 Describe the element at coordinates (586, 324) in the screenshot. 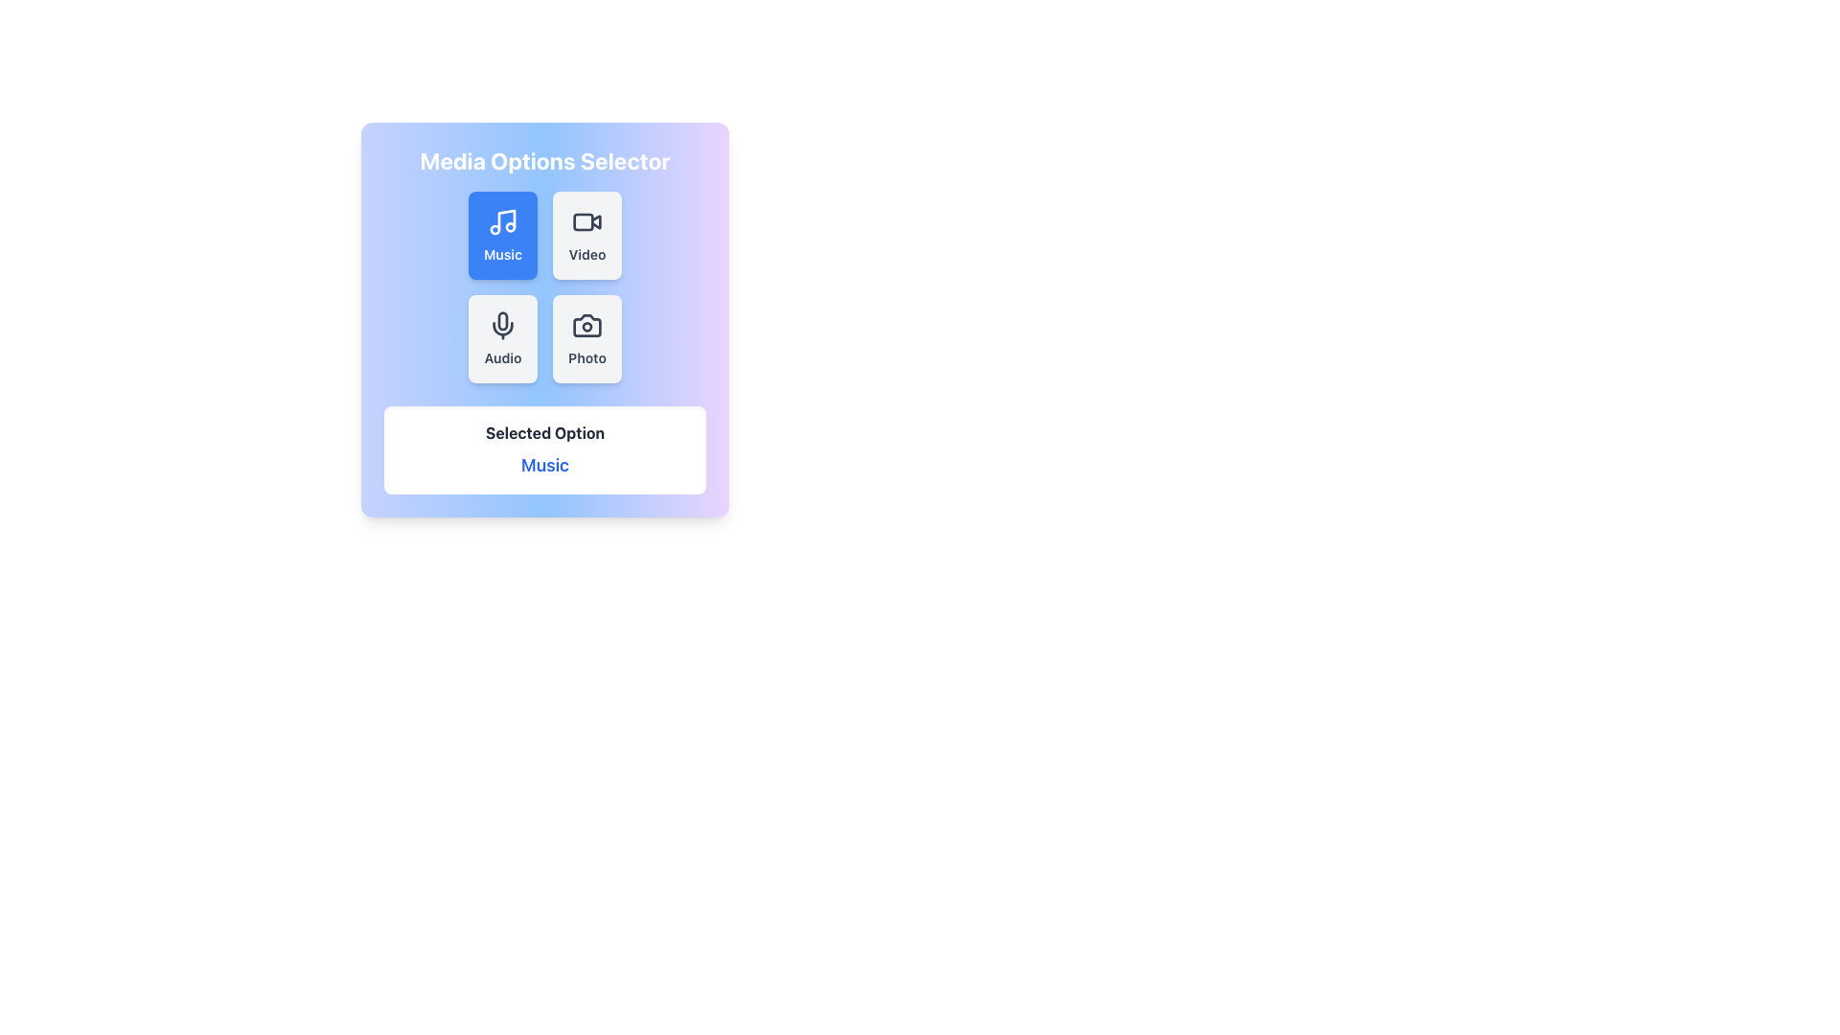

I see `the 'Photo' media type SVG Vector Icon located in the bottom-right cell of the media option grid` at that location.